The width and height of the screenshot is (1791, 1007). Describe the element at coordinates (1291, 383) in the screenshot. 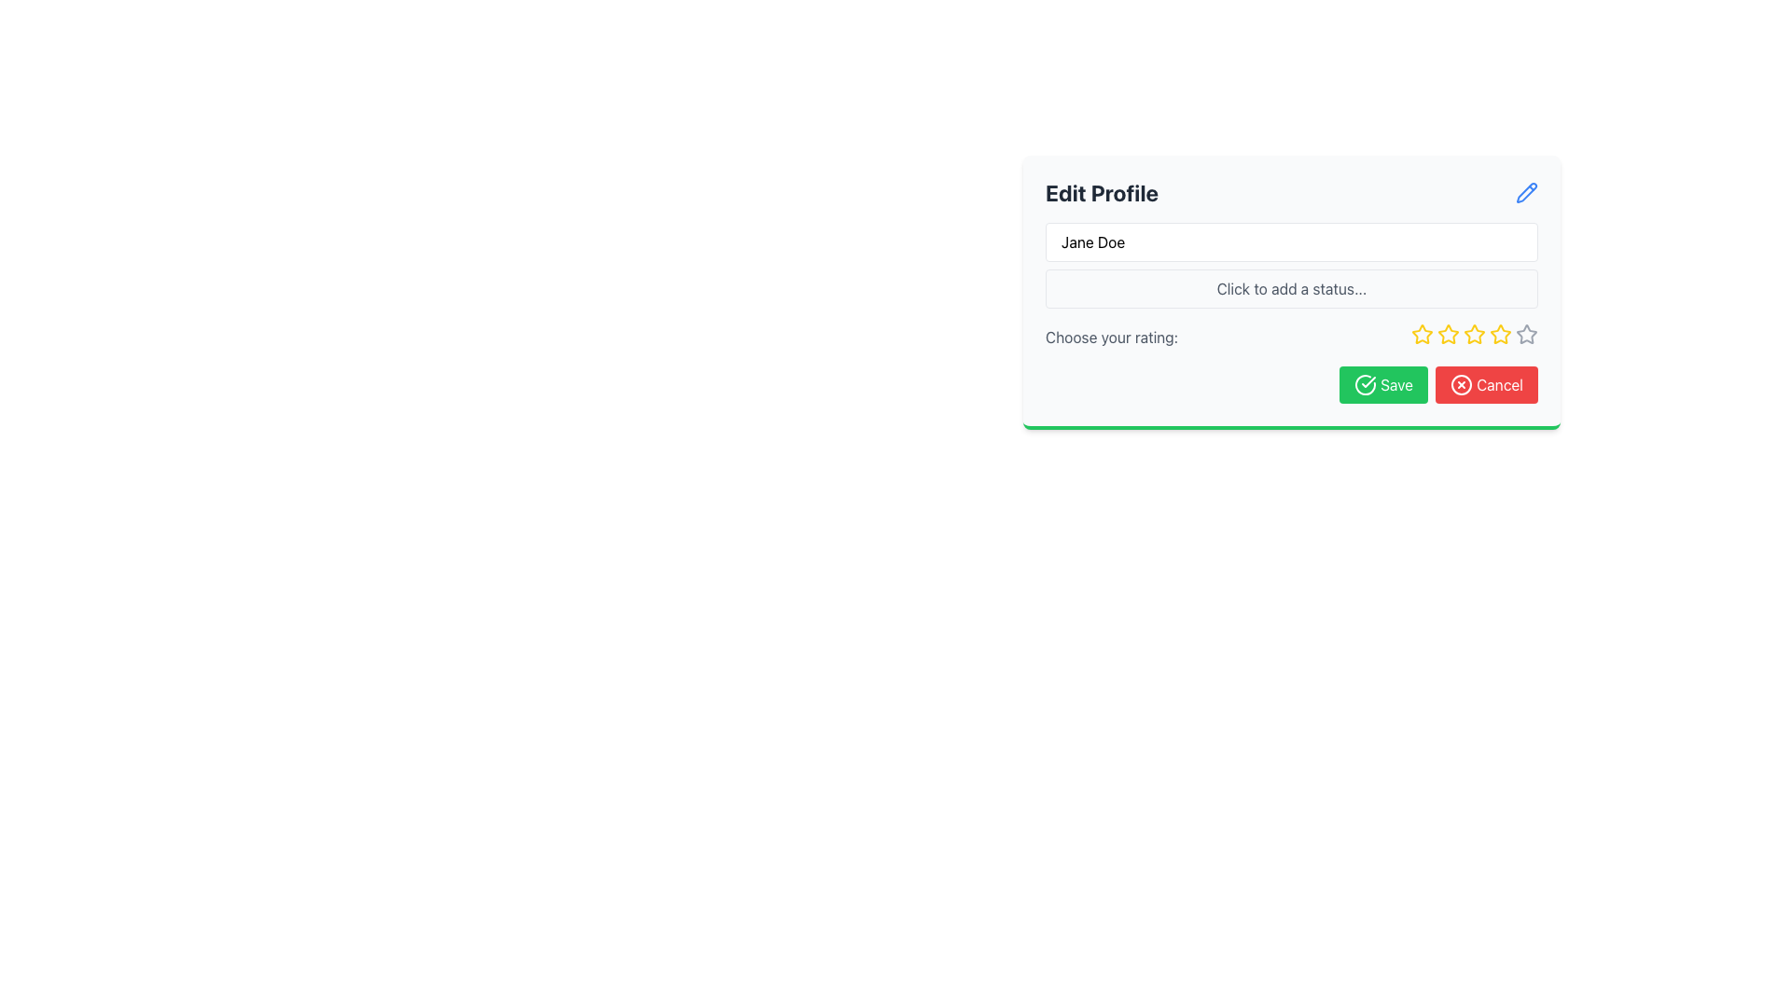

I see `the 'Save' or 'Cancel' button in the Button Group located at the bottom-right corner of the form` at that location.